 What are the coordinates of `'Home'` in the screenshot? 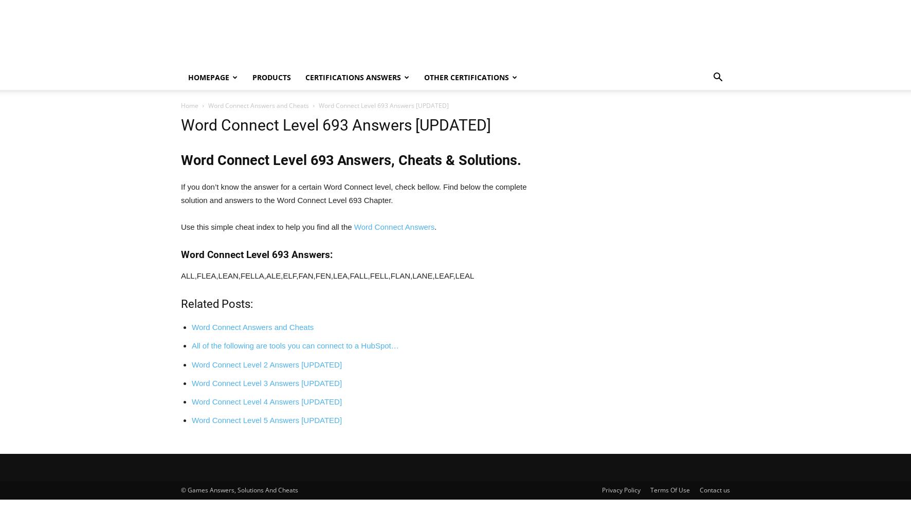 It's located at (189, 105).